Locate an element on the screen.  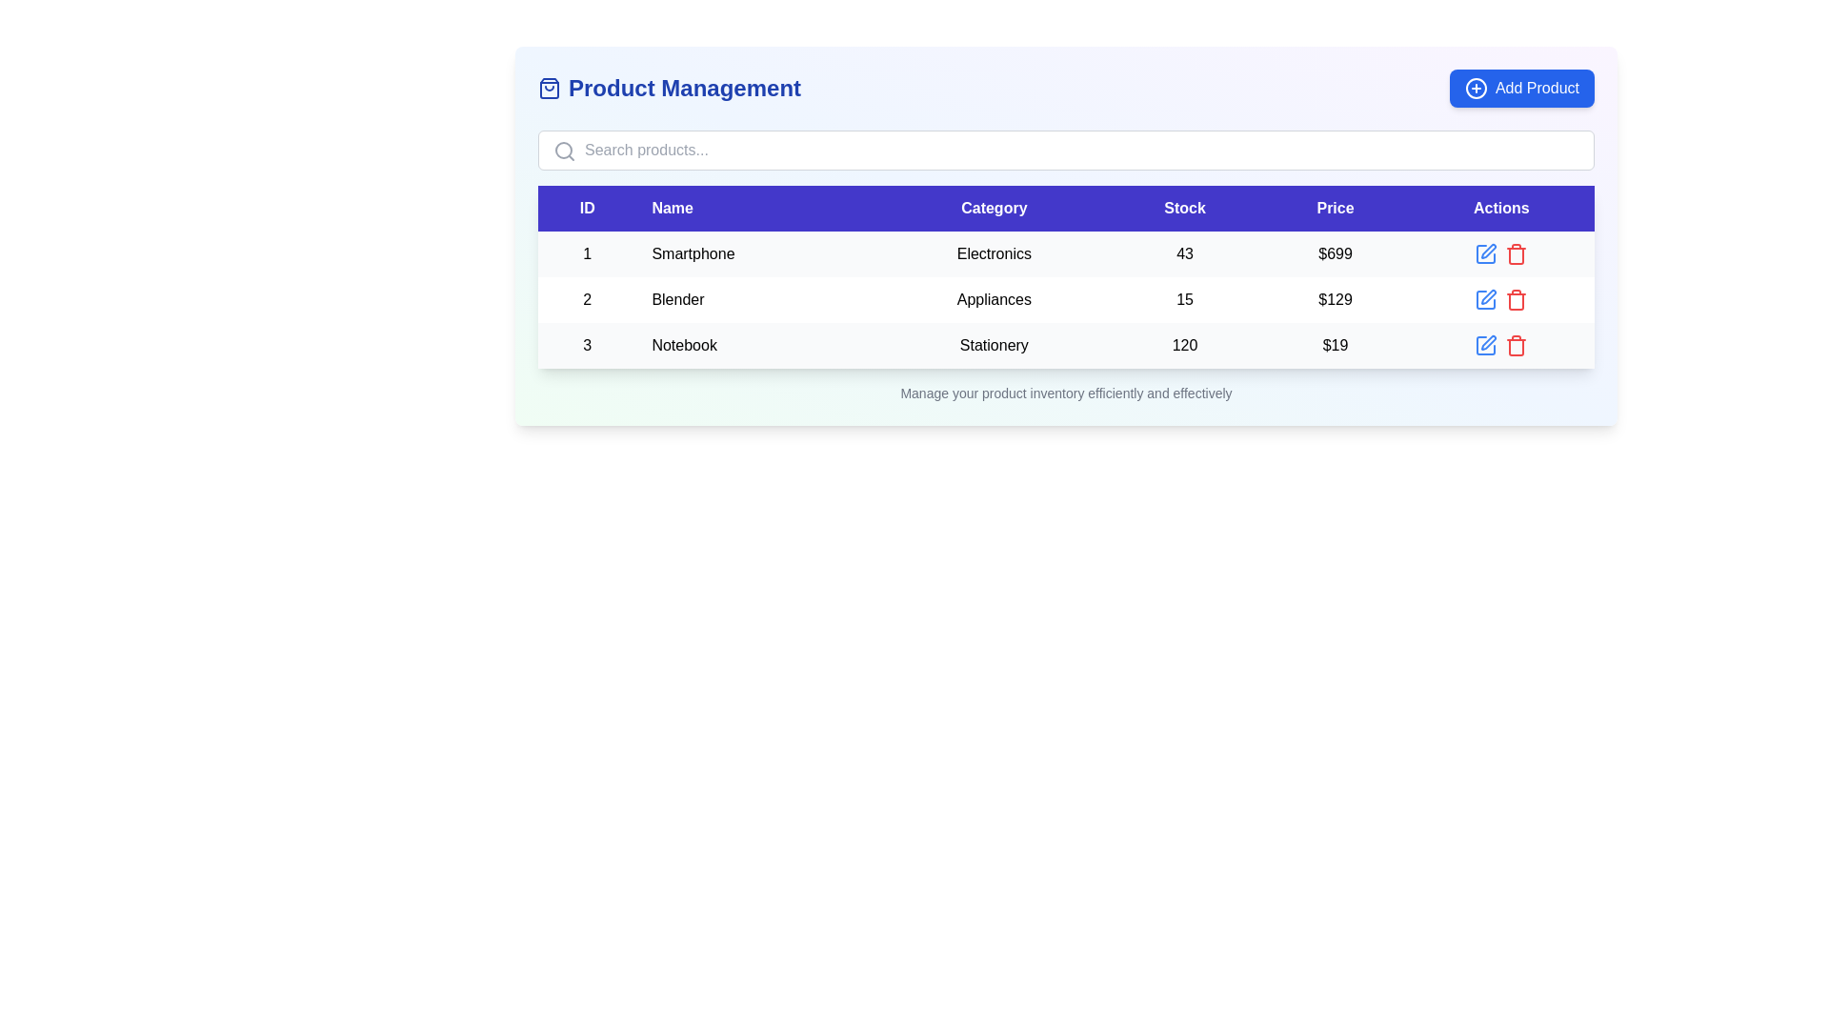
the edit button located in the 'Actions' column of the first row of the table to initiate the edit operation for the respective product's details is located at coordinates (1485, 252).